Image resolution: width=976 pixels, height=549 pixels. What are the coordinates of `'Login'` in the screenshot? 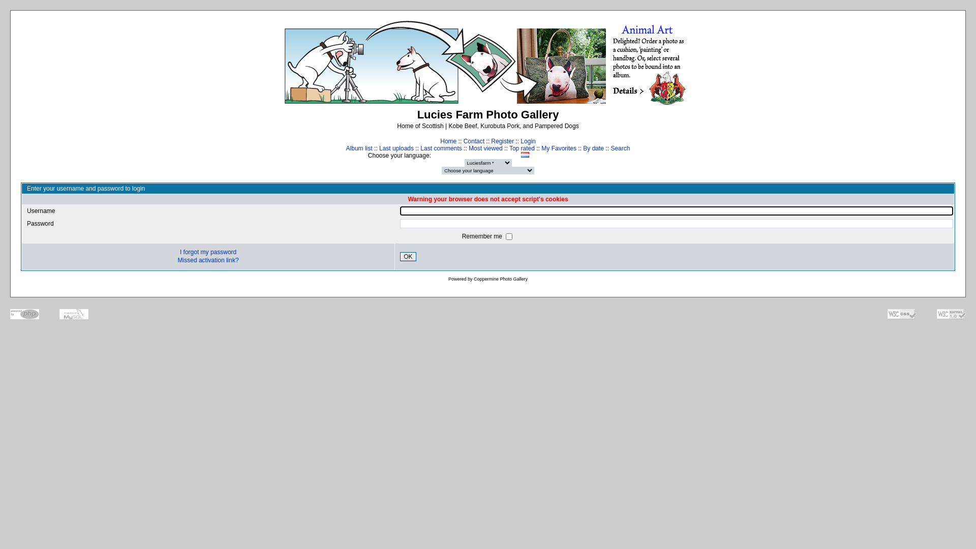 It's located at (528, 141).